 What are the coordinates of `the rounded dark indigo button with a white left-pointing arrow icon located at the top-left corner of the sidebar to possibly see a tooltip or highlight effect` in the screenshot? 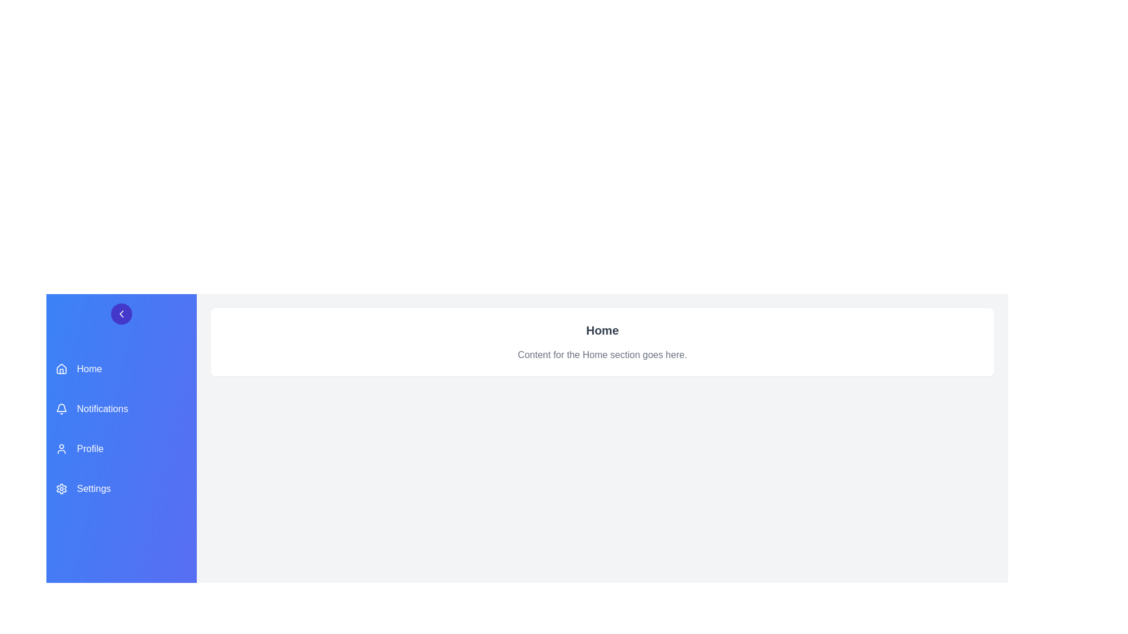 It's located at (121, 313).